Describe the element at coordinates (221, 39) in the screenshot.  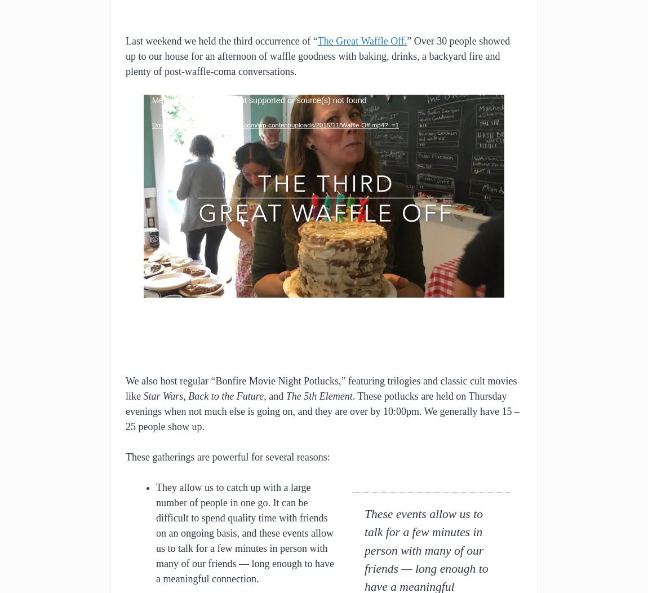
I see `'Last weekend we held the third occurrence of “'` at that location.